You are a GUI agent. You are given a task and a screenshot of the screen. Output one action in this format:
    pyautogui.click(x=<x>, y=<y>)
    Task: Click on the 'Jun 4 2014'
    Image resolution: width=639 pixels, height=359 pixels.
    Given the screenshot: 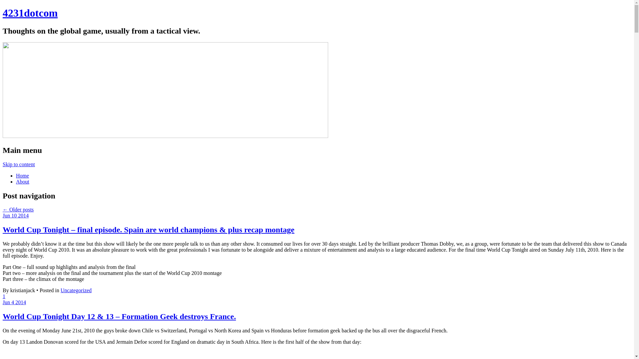 What is the action you would take?
    pyautogui.click(x=14, y=302)
    